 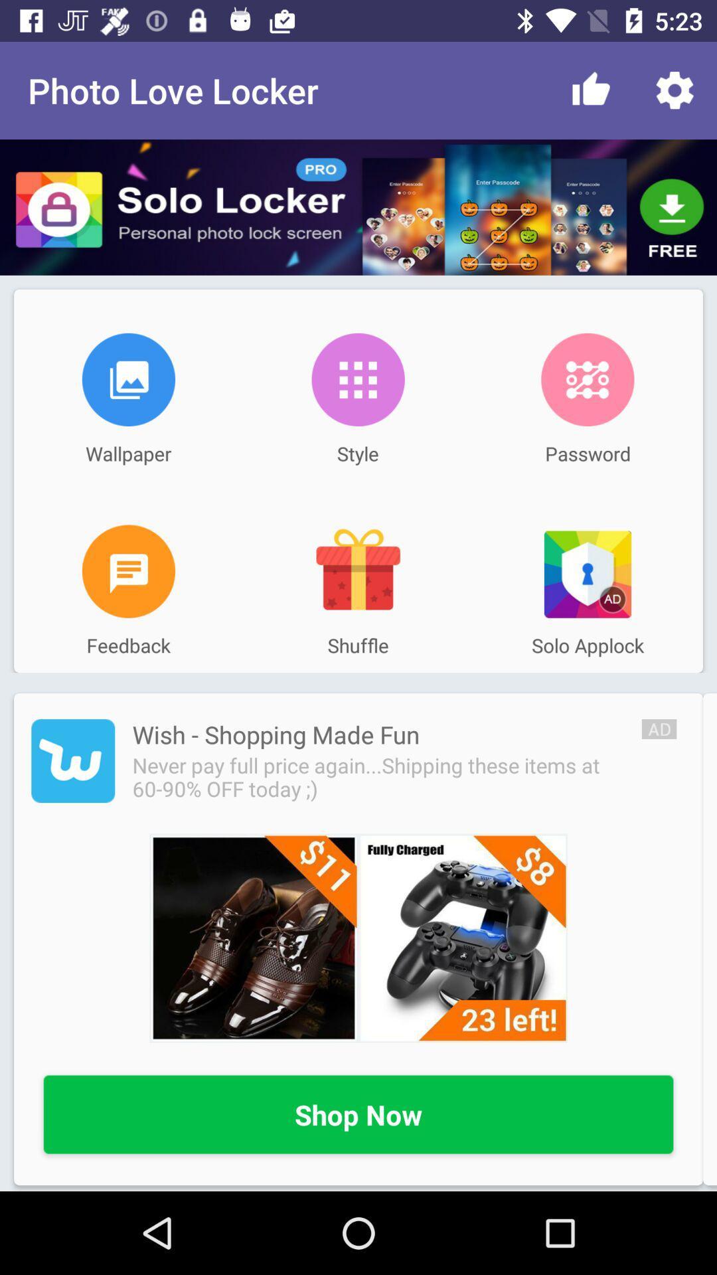 What do you see at coordinates (358, 937) in the screenshot?
I see `open wish website` at bounding box center [358, 937].